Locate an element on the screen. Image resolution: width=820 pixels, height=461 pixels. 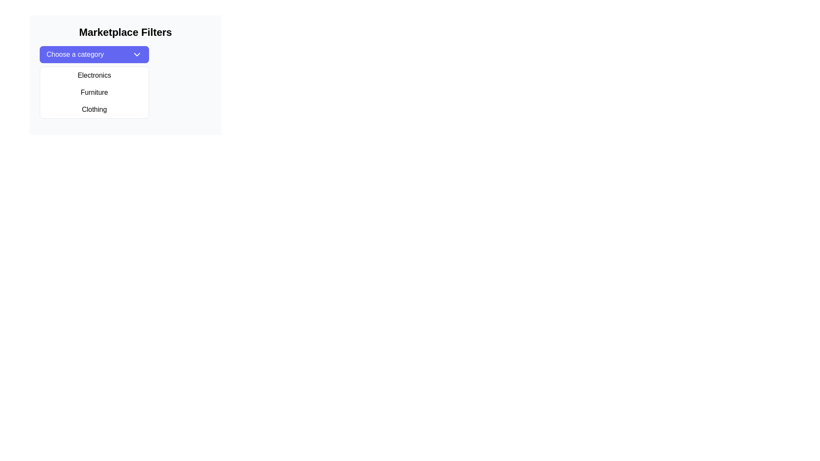
the title text at the top of the display area is located at coordinates (125, 32).